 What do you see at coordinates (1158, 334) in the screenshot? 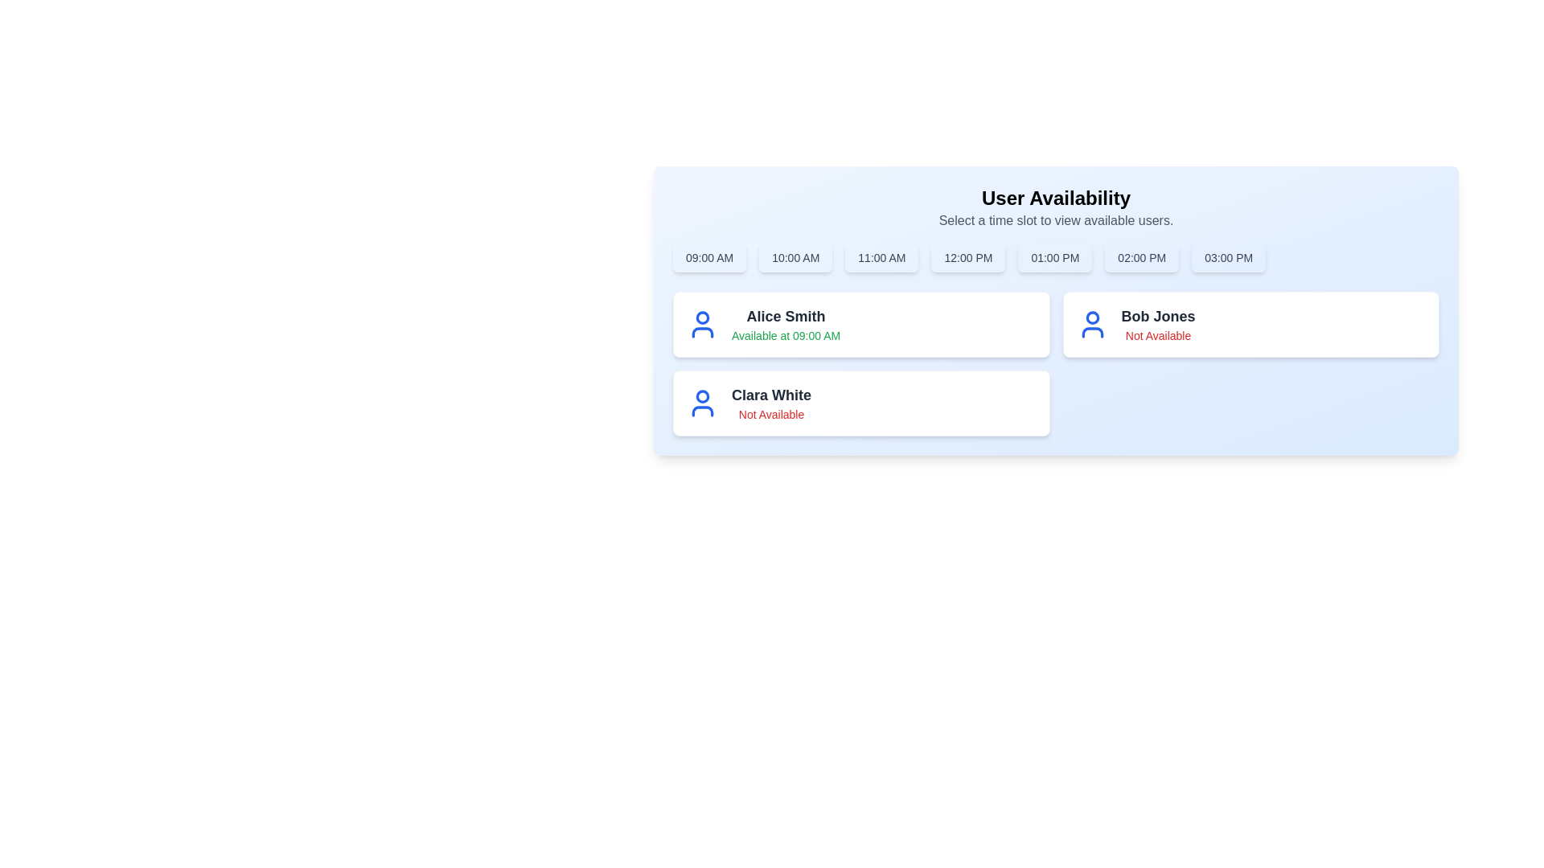
I see `the availability status text label indicating that user 'Bob Jones' is unavailable, located below 'Bob Jones' in the user availability list` at bounding box center [1158, 334].